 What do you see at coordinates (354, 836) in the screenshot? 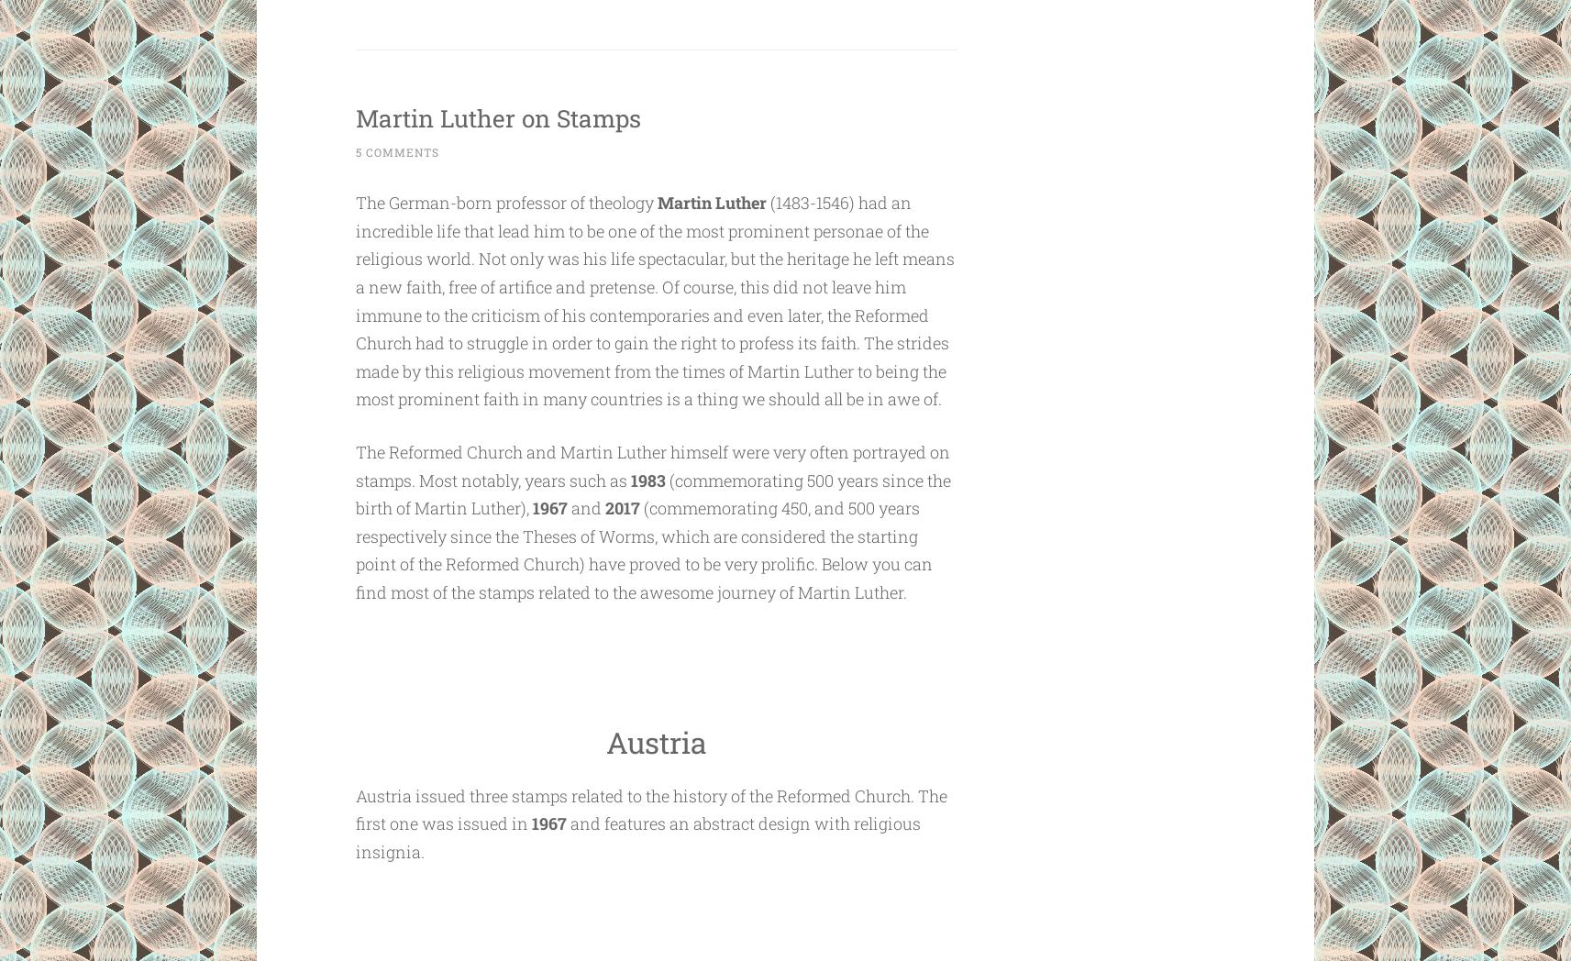
I see `'and features an abstract design with religious insignia.'` at bounding box center [354, 836].